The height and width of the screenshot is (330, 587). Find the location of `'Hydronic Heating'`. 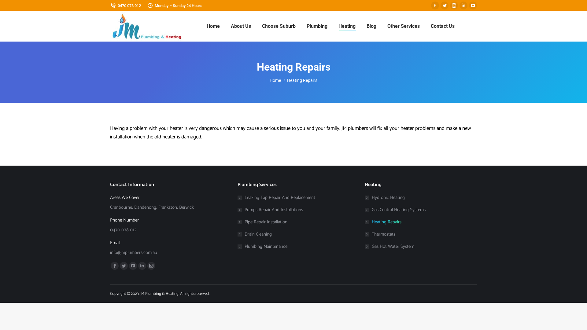

'Hydronic Heating' is located at coordinates (384, 197).